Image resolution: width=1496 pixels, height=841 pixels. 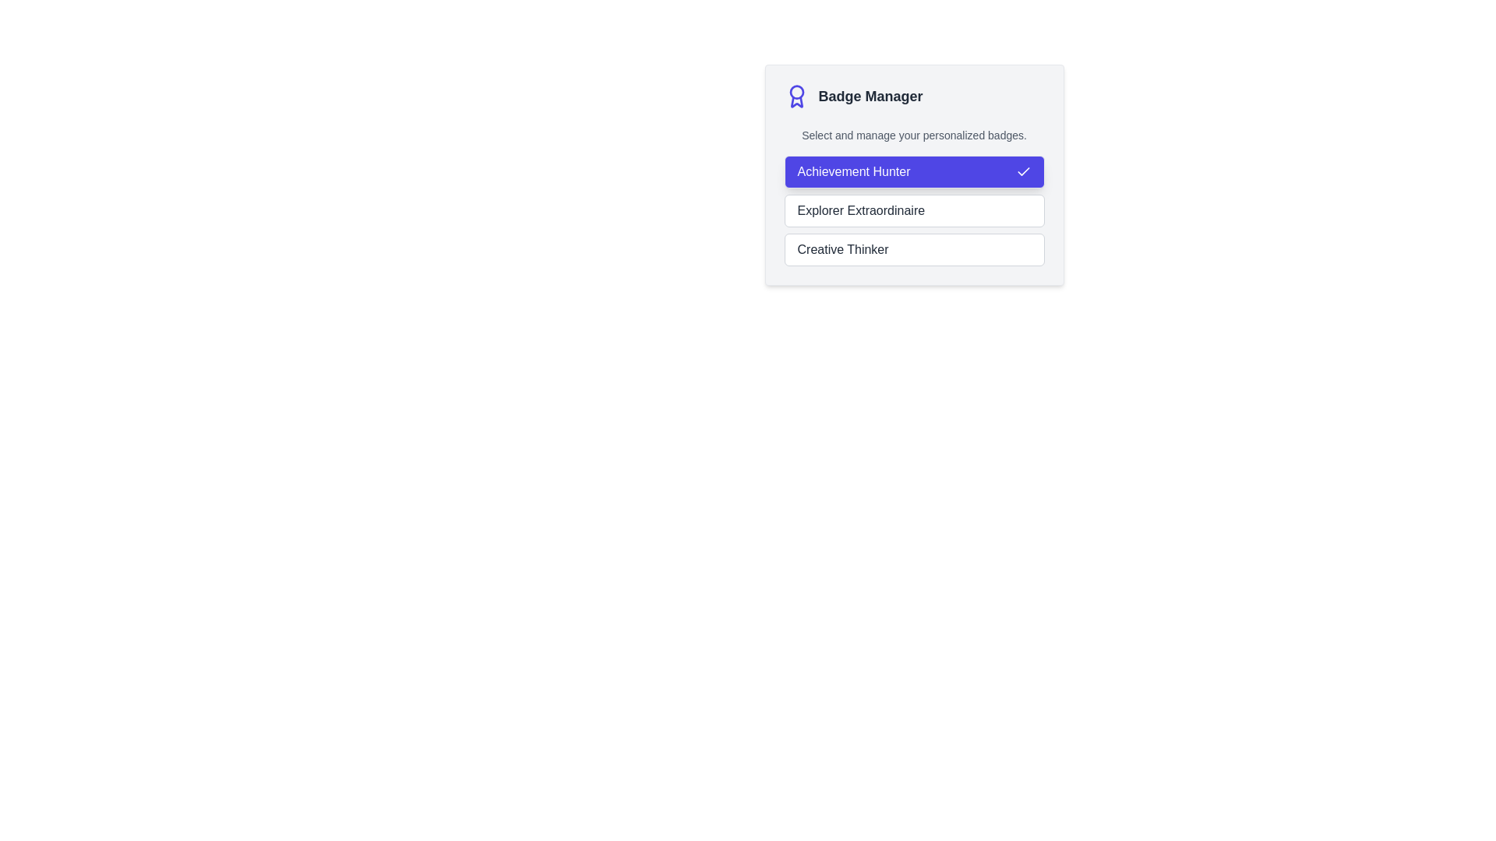 What do you see at coordinates (914, 248) in the screenshot?
I see `the 'Creative Thinker' button` at bounding box center [914, 248].